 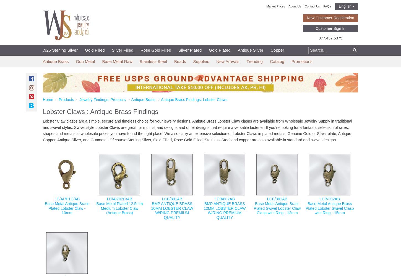 What do you see at coordinates (275, 6) in the screenshot?
I see `'Market Prices'` at bounding box center [275, 6].